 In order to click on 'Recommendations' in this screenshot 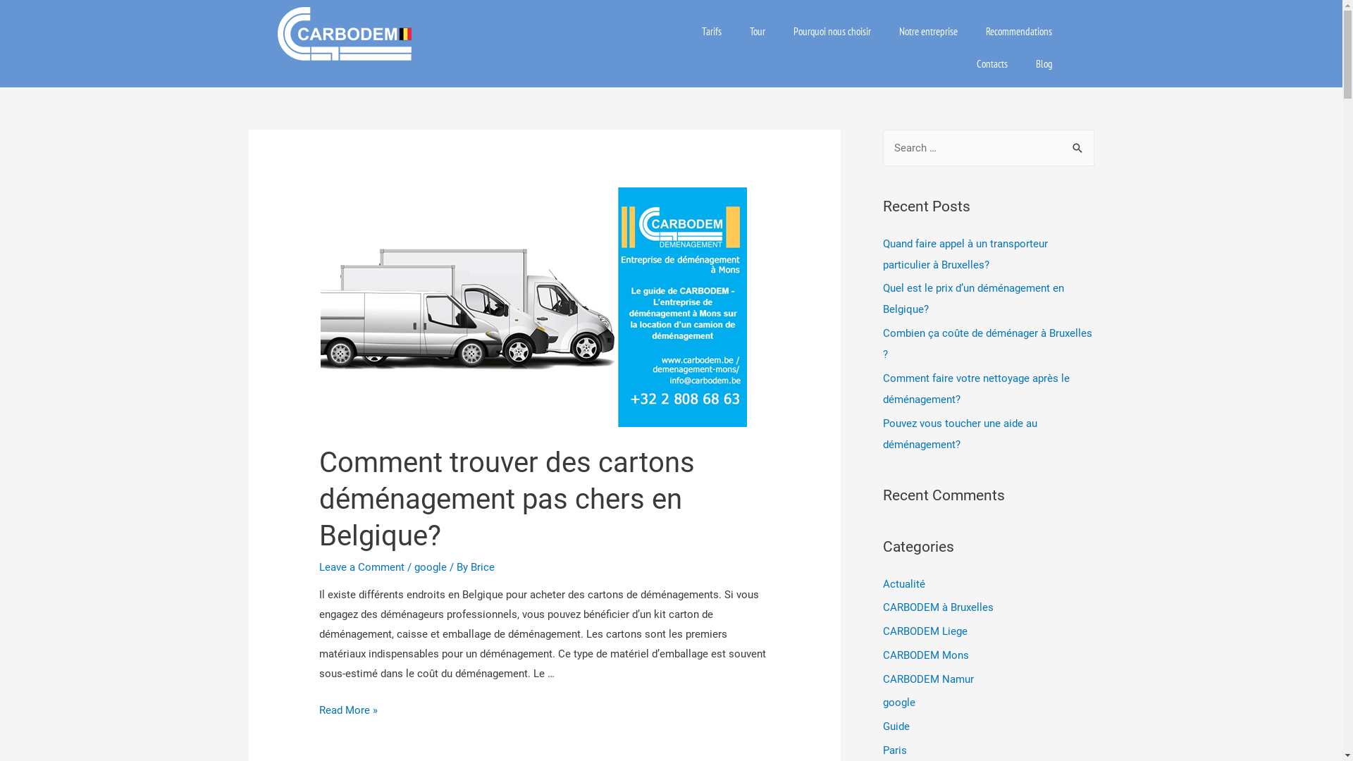, I will do `click(1018, 32)`.